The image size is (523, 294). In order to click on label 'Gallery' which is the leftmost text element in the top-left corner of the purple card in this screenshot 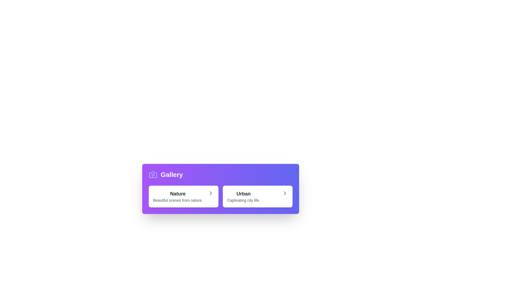, I will do `click(165, 174)`.